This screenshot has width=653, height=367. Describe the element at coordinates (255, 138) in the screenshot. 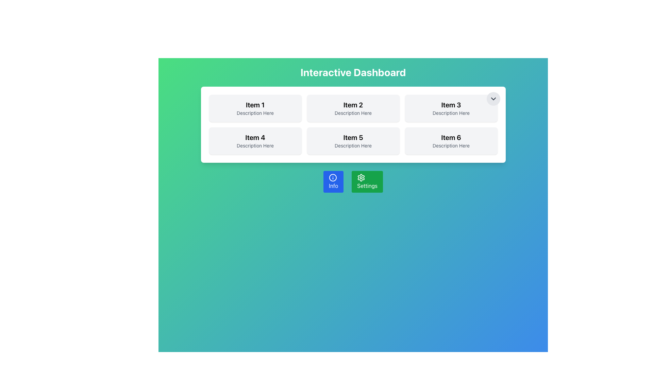

I see `the Text Label that serves as a header or title for the content related to 'Item 4', located in the bottom-left quadrant of a grid layout` at that location.